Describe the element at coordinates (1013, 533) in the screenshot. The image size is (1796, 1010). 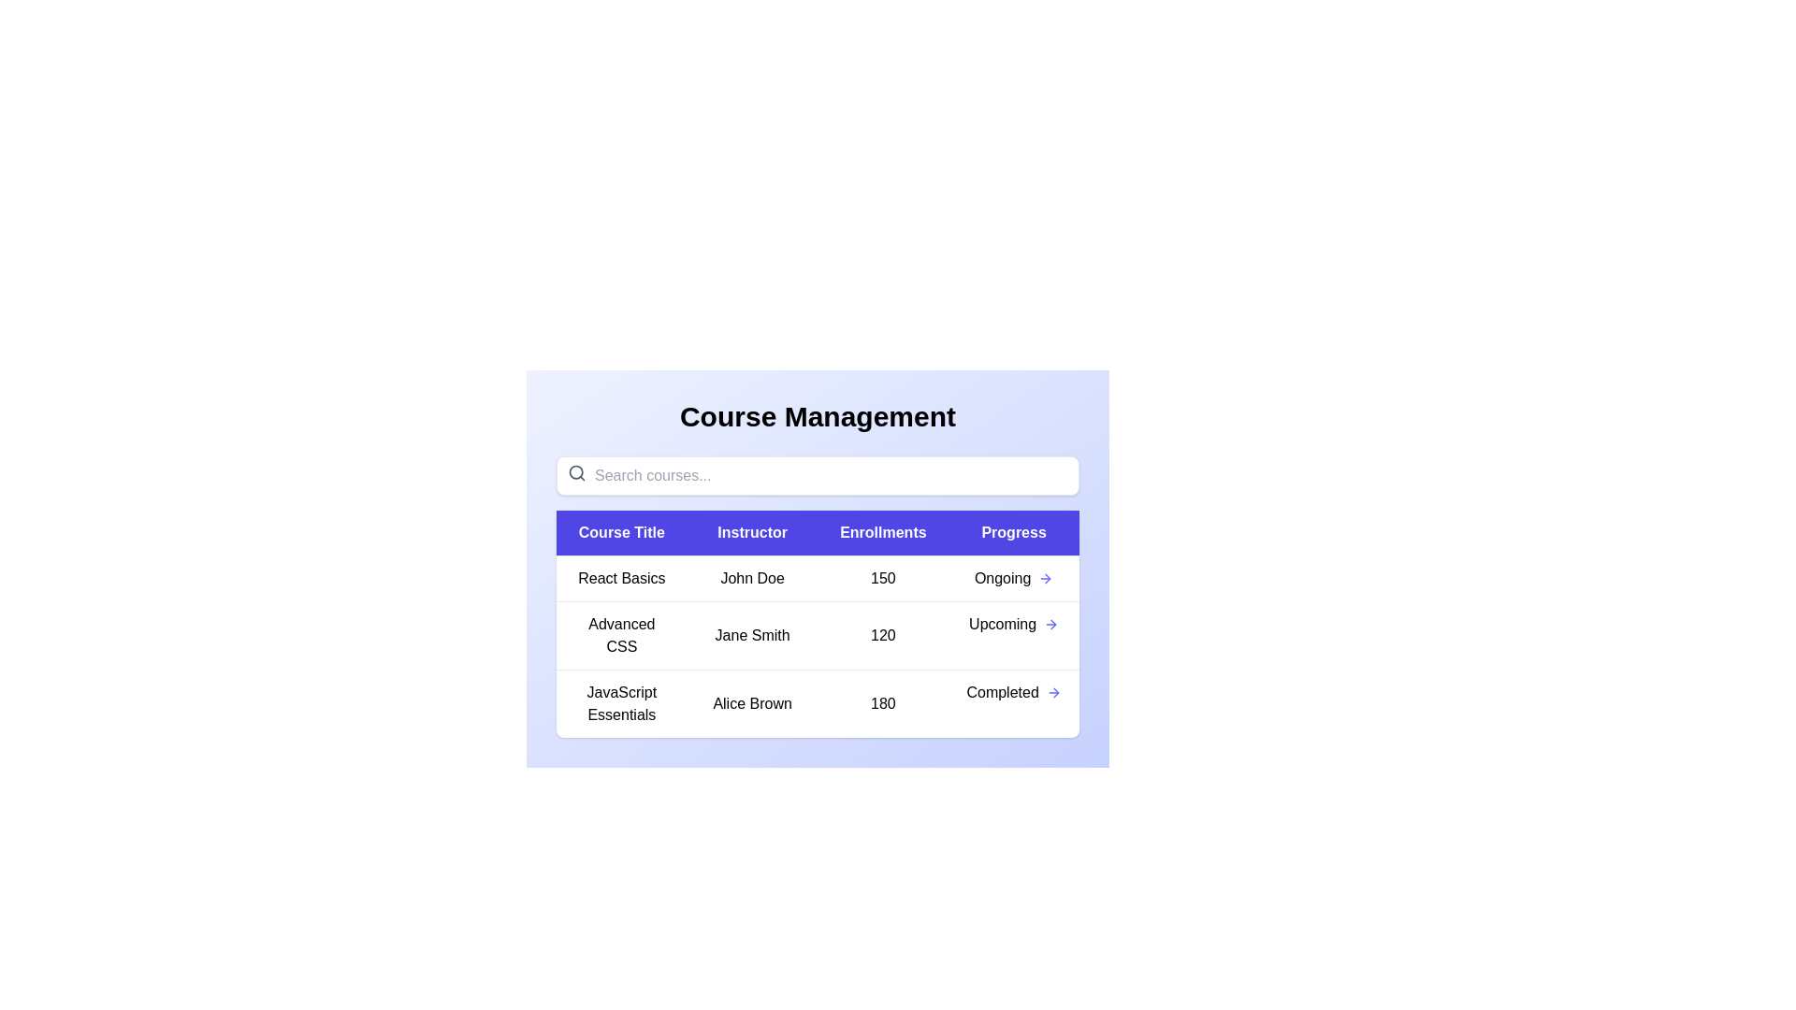
I see `the column header Progress to sort or filter the courses` at that location.